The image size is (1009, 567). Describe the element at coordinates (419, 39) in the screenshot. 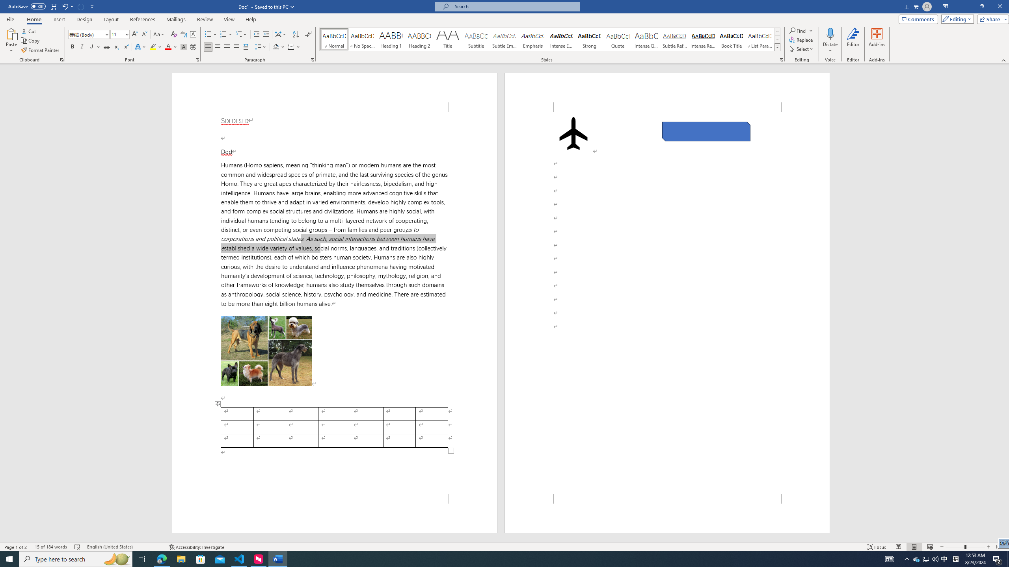

I see `'Heading 2'` at that location.